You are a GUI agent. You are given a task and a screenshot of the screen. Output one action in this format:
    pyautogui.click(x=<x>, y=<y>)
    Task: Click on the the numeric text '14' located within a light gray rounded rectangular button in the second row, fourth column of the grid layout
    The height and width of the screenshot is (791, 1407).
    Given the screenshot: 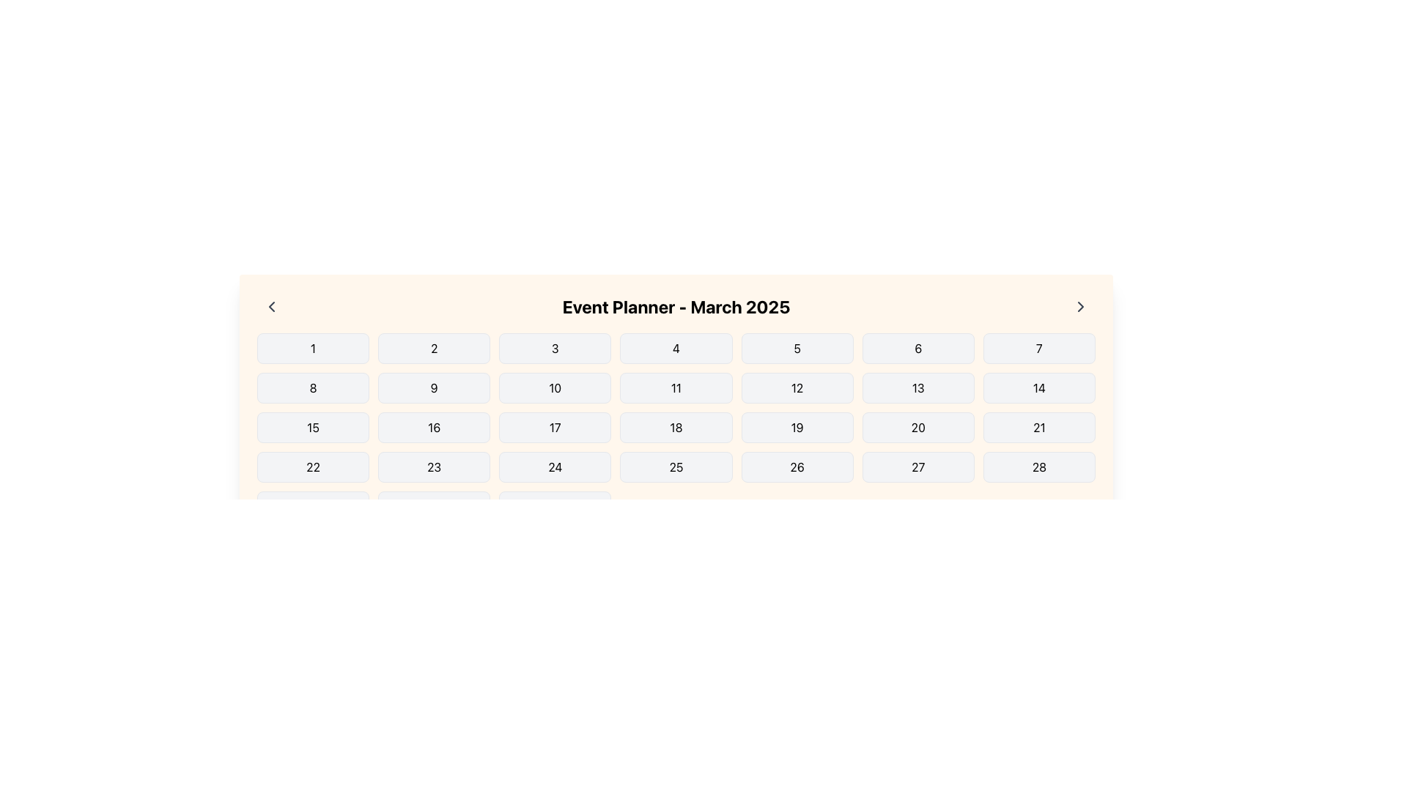 What is the action you would take?
    pyautogui.click(x=1038, y=387)
    